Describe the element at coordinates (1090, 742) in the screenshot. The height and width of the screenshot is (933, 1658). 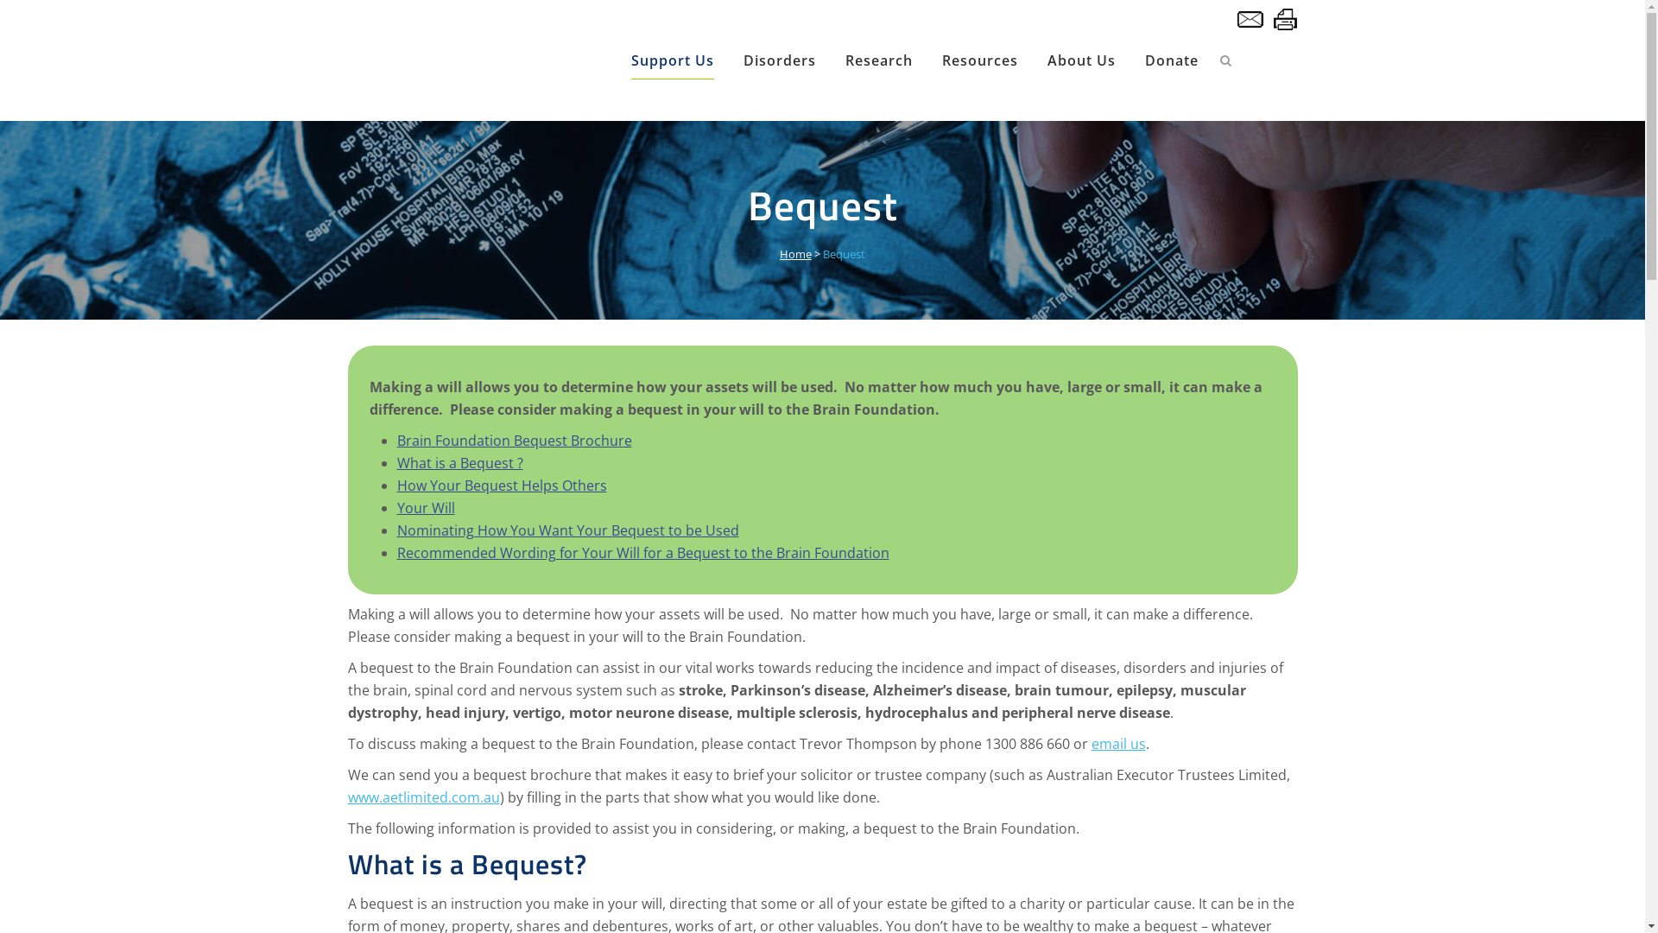
I see `'email us'` at that location.